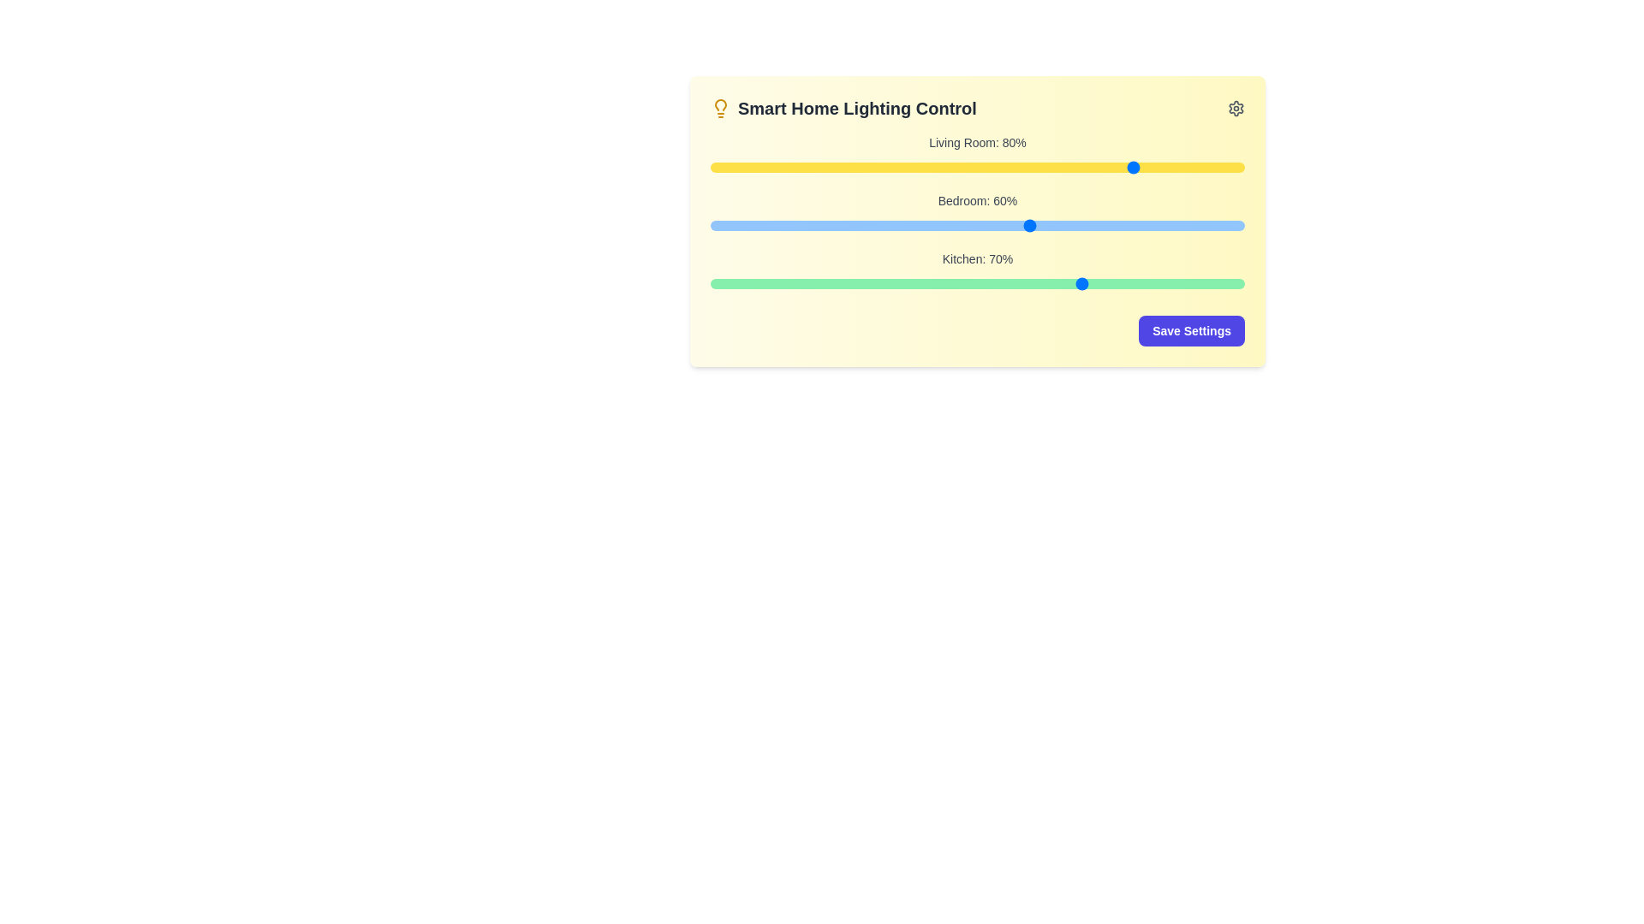  What do you see at coordinates (720, 109) in the screenshot?
I see `the light bulb icon representing 'Smart Home Lighting Control' located at the top of the panel` at bounding box center [720, 109].